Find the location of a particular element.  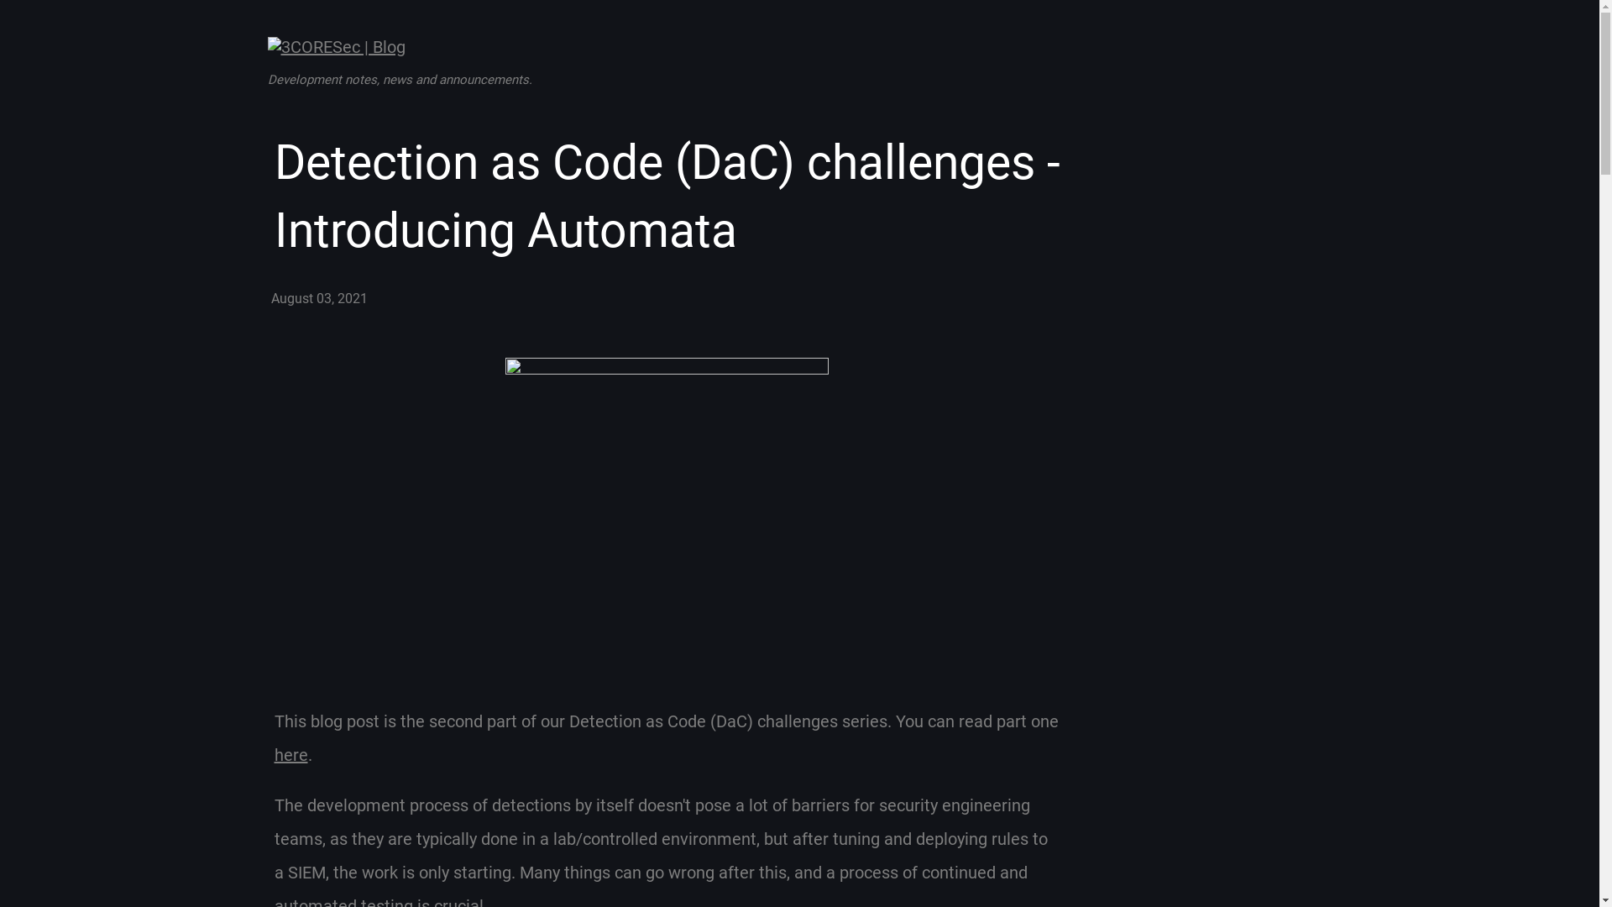

'August 03, 2021' is located at coordinates (318, 296).